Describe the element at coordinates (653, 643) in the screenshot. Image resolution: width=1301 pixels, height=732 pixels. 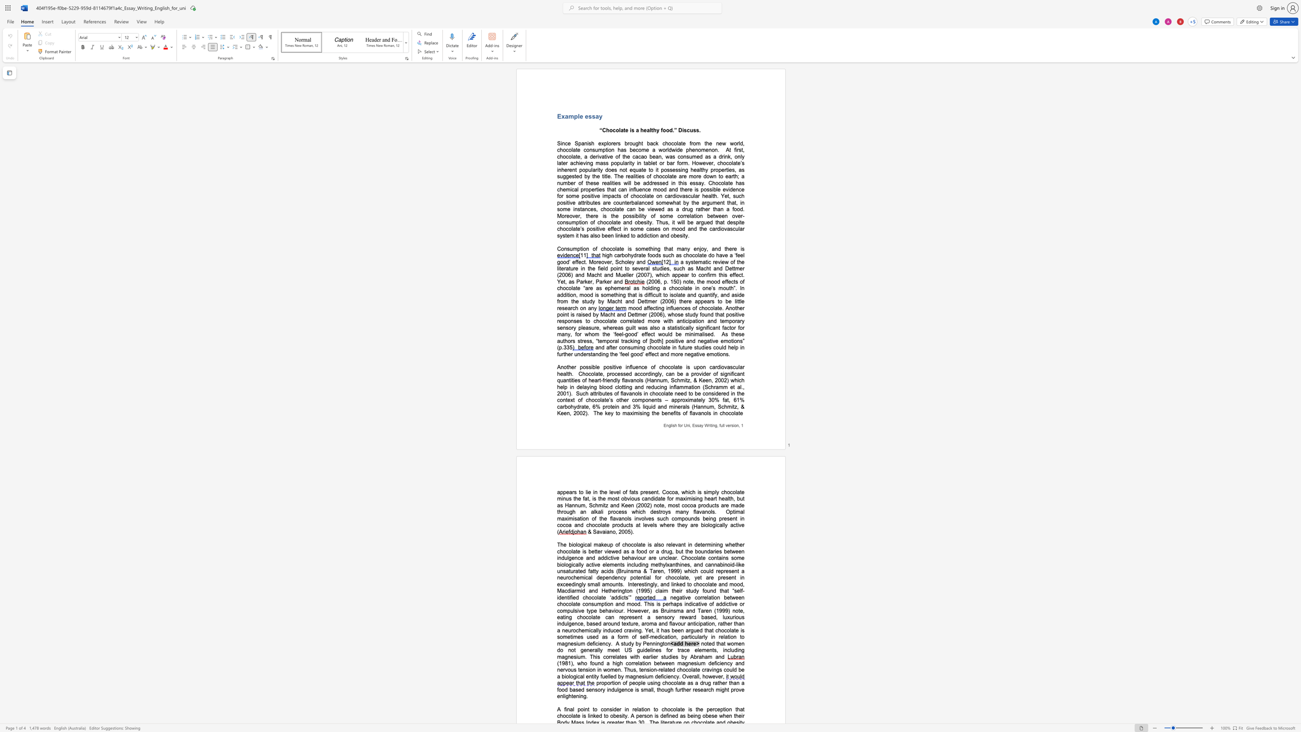
I see `the space between the continuous character "n" and "n" in the text` at that location.